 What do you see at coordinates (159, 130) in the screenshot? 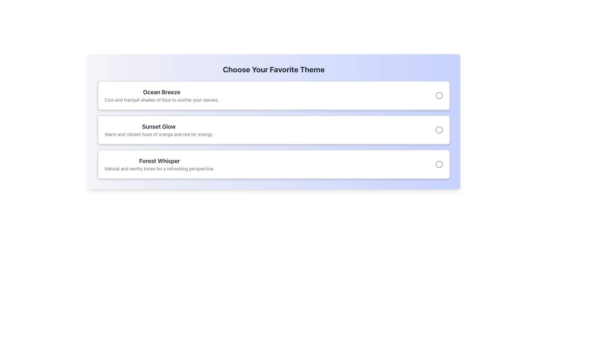
I see `the text content of the second theme option text block` at bounding box center [159, 130].